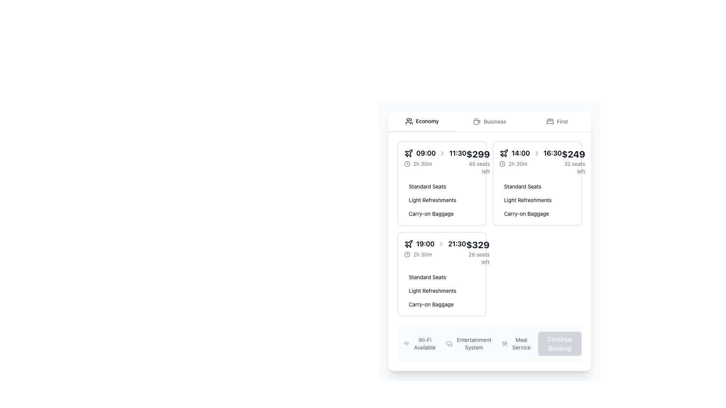  What do you see at coordinates (573, 154) in the screenshot?
I see `the monetary value text label displaying '$249' in bold and large font at the top-right of the flight ticket option card layout` at bounding box center [573, 154].